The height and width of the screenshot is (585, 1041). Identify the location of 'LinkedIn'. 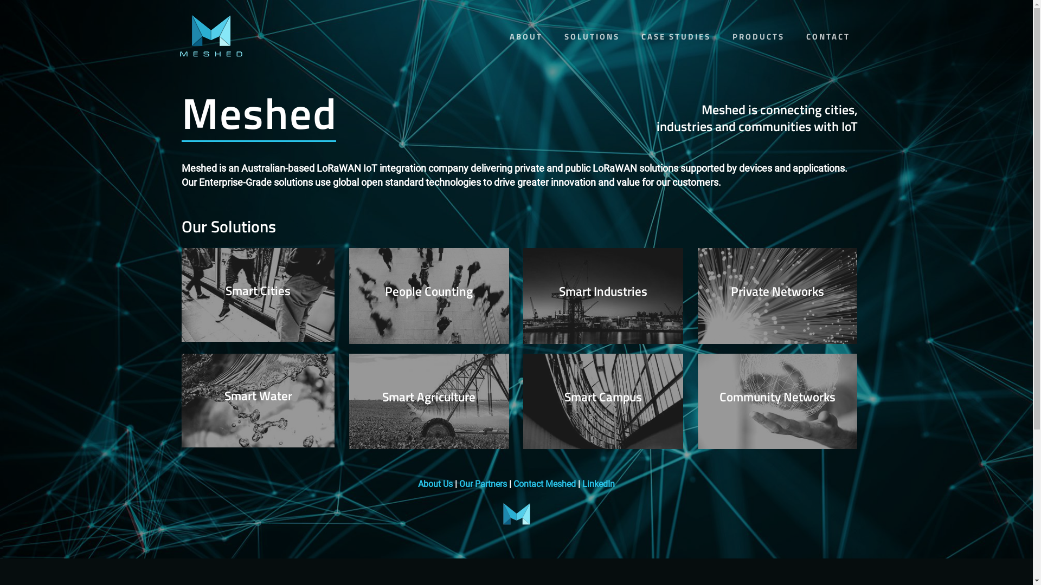
(598, 483).